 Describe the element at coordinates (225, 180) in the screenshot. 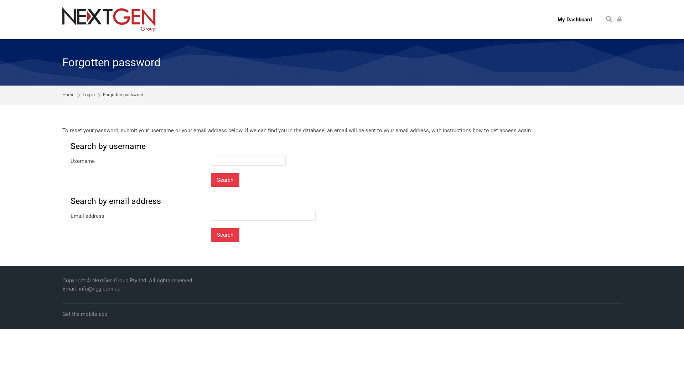

I see `'Search'` at that location.